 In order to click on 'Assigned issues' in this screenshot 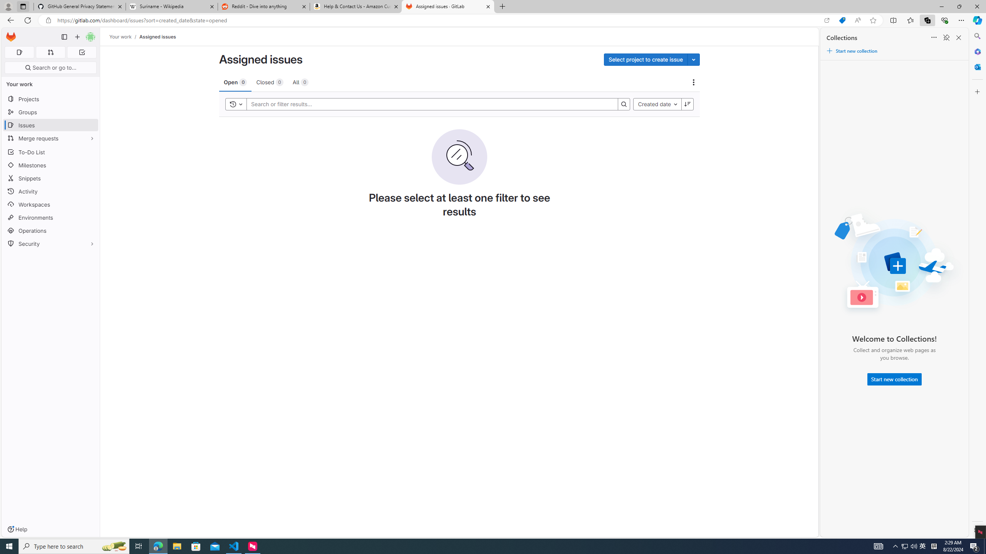, I will do `click(157, 37)`.